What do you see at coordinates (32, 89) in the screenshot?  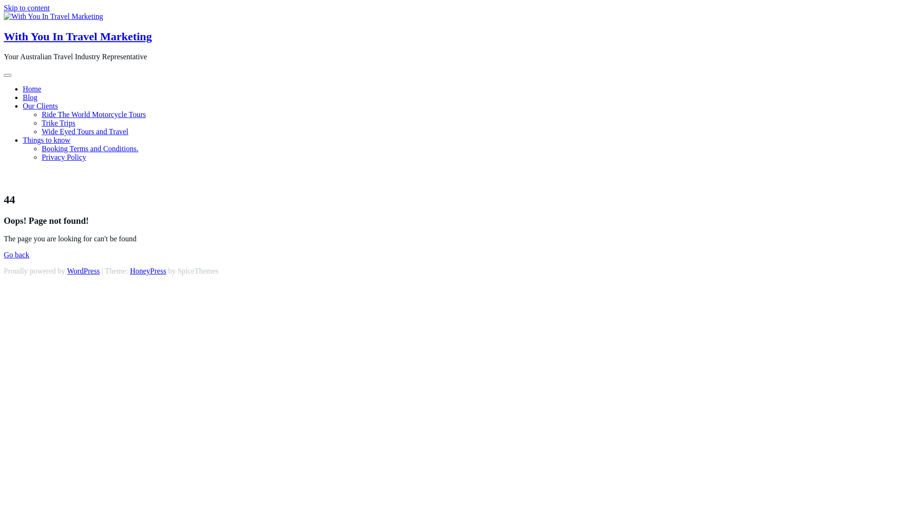 I see `'Home'` at bounding box center [32, 89].